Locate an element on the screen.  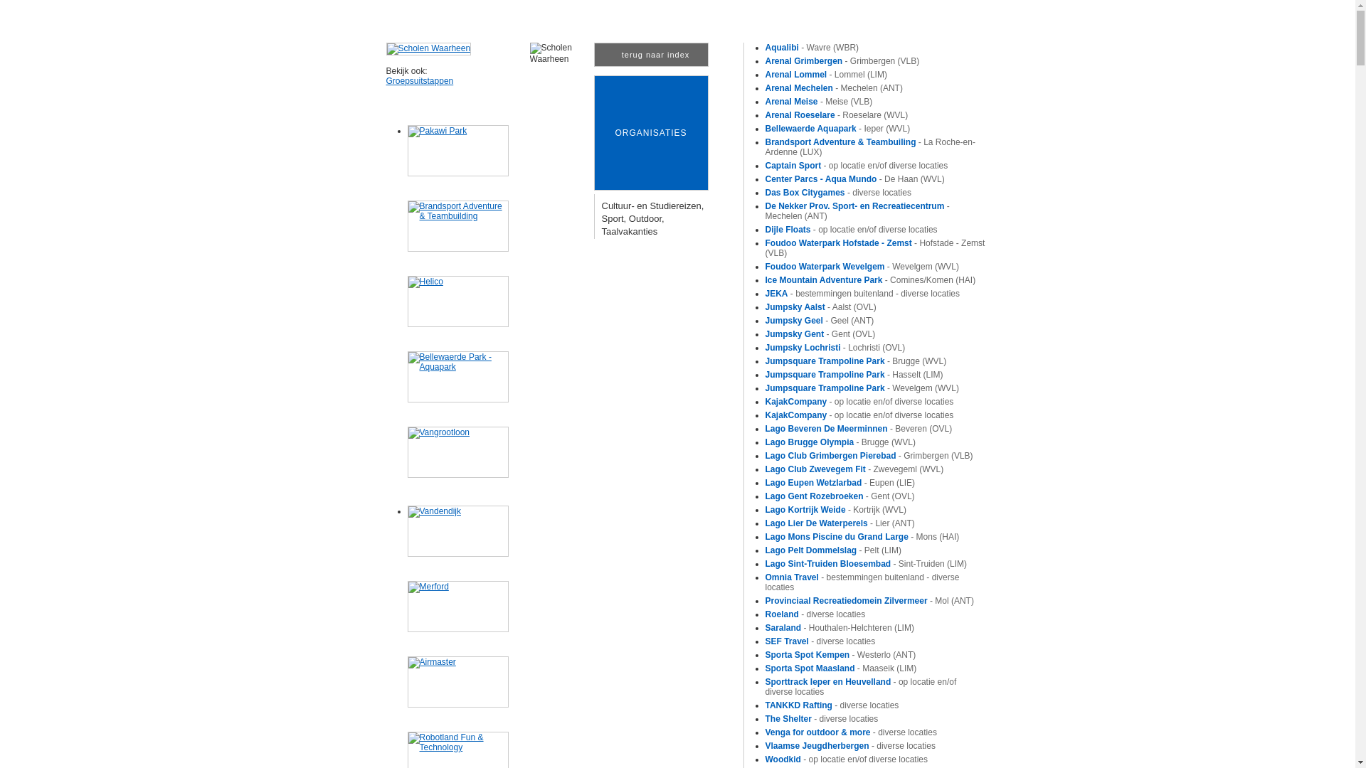
'SEF Travel - diverse locaties' is located at coordinates (820, 641).